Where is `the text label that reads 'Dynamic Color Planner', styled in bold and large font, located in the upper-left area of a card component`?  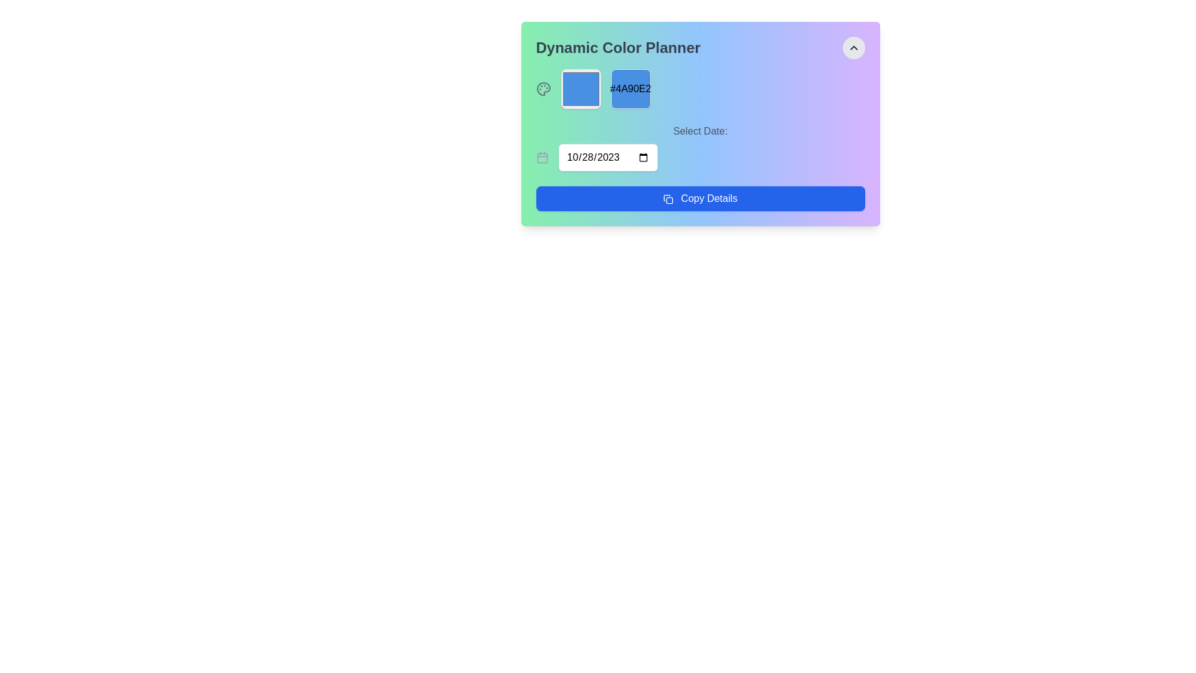 the text label that reads 'Dynamic Color Planner', styled in bold and large font, located in the upper-left area of a card component is located at coordinates (618, 47).